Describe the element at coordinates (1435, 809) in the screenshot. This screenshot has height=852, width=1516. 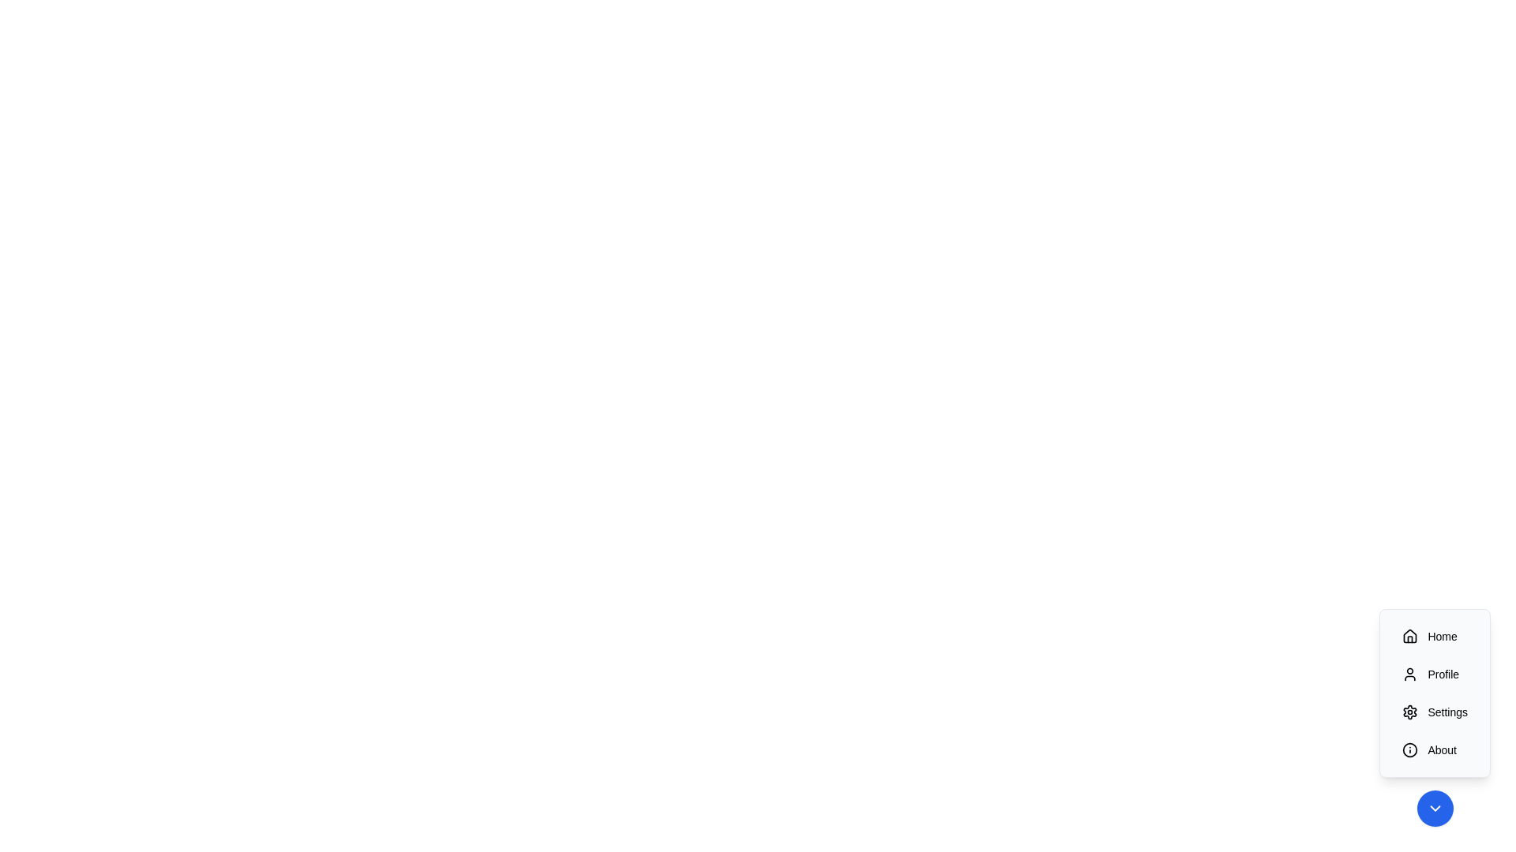
I see `the blue button with the chevron icon to toggle the menu visibility` at that location.